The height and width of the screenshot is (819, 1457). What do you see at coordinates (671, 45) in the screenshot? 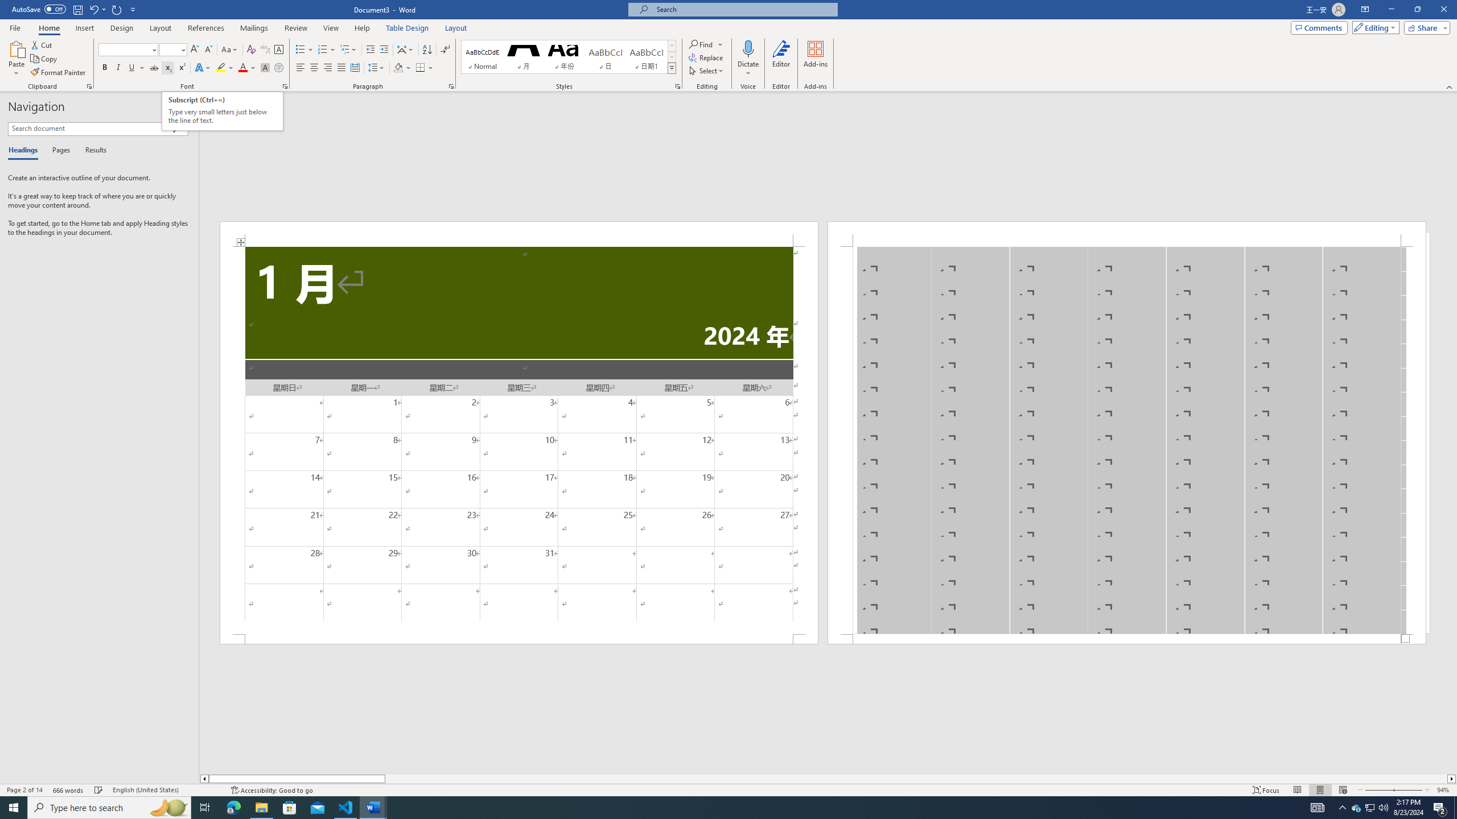
I see `'Row up'` at bounding box center [671, 45].